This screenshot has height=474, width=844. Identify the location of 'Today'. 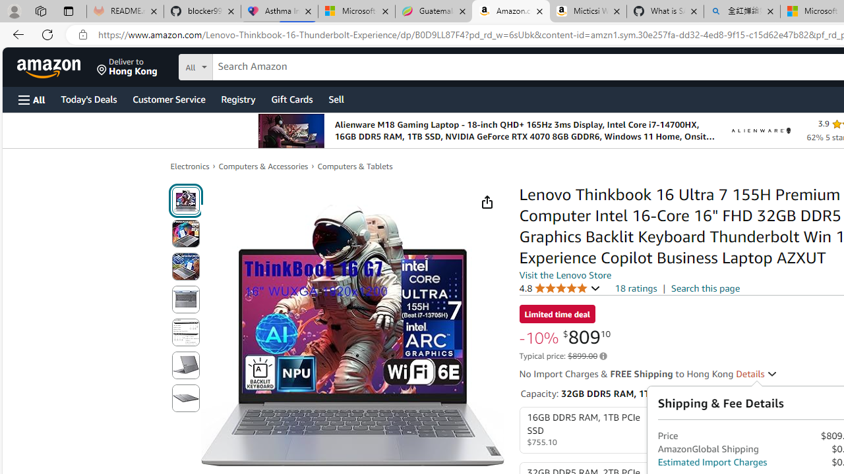
(88, 98).